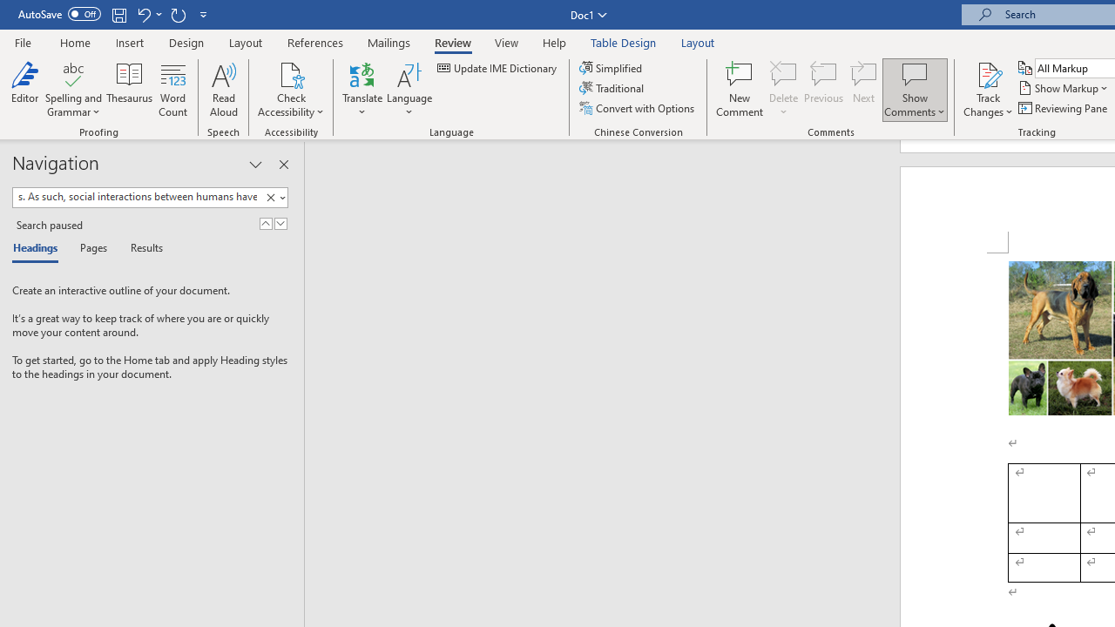 The height and width of the screenshot is (627, 1115). Describe the element at coordinates (1064, 88) in the screenshot. I see `'Show Markup'` at that location.